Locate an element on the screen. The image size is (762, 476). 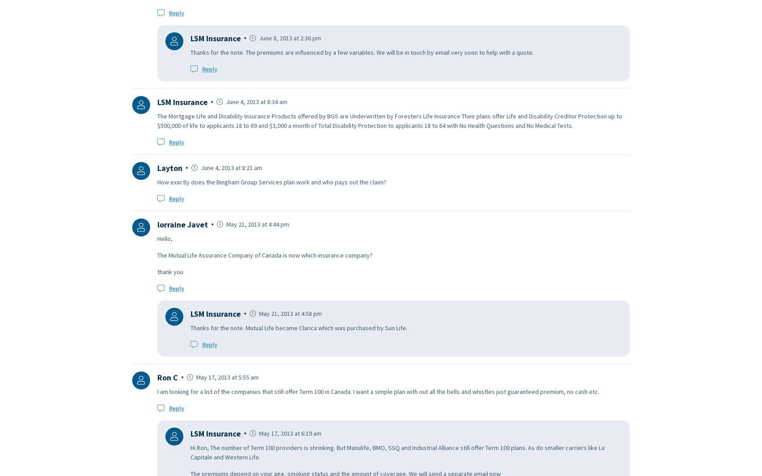
'Thanks for the note.  Mutual Life became Clarica which was purchased by Sun Life.' is located at coordinates (299, 327).